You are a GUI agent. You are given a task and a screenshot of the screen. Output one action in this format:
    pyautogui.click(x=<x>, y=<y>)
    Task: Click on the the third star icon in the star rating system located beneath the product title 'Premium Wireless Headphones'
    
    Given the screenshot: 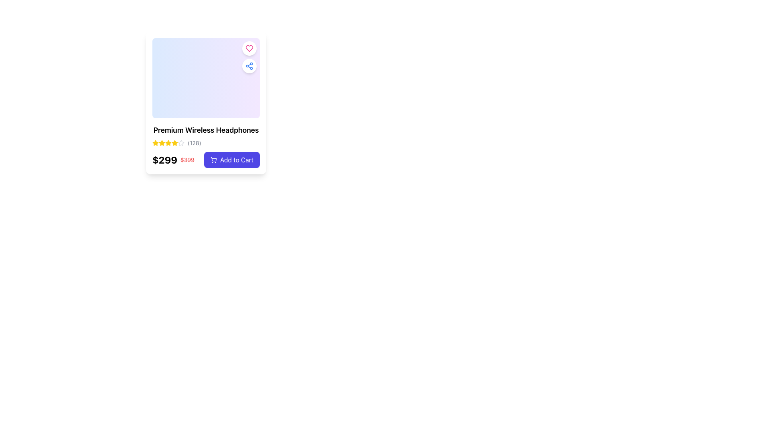 What is the action you would take?
    pyautogui.click(x=180, y=142)
    